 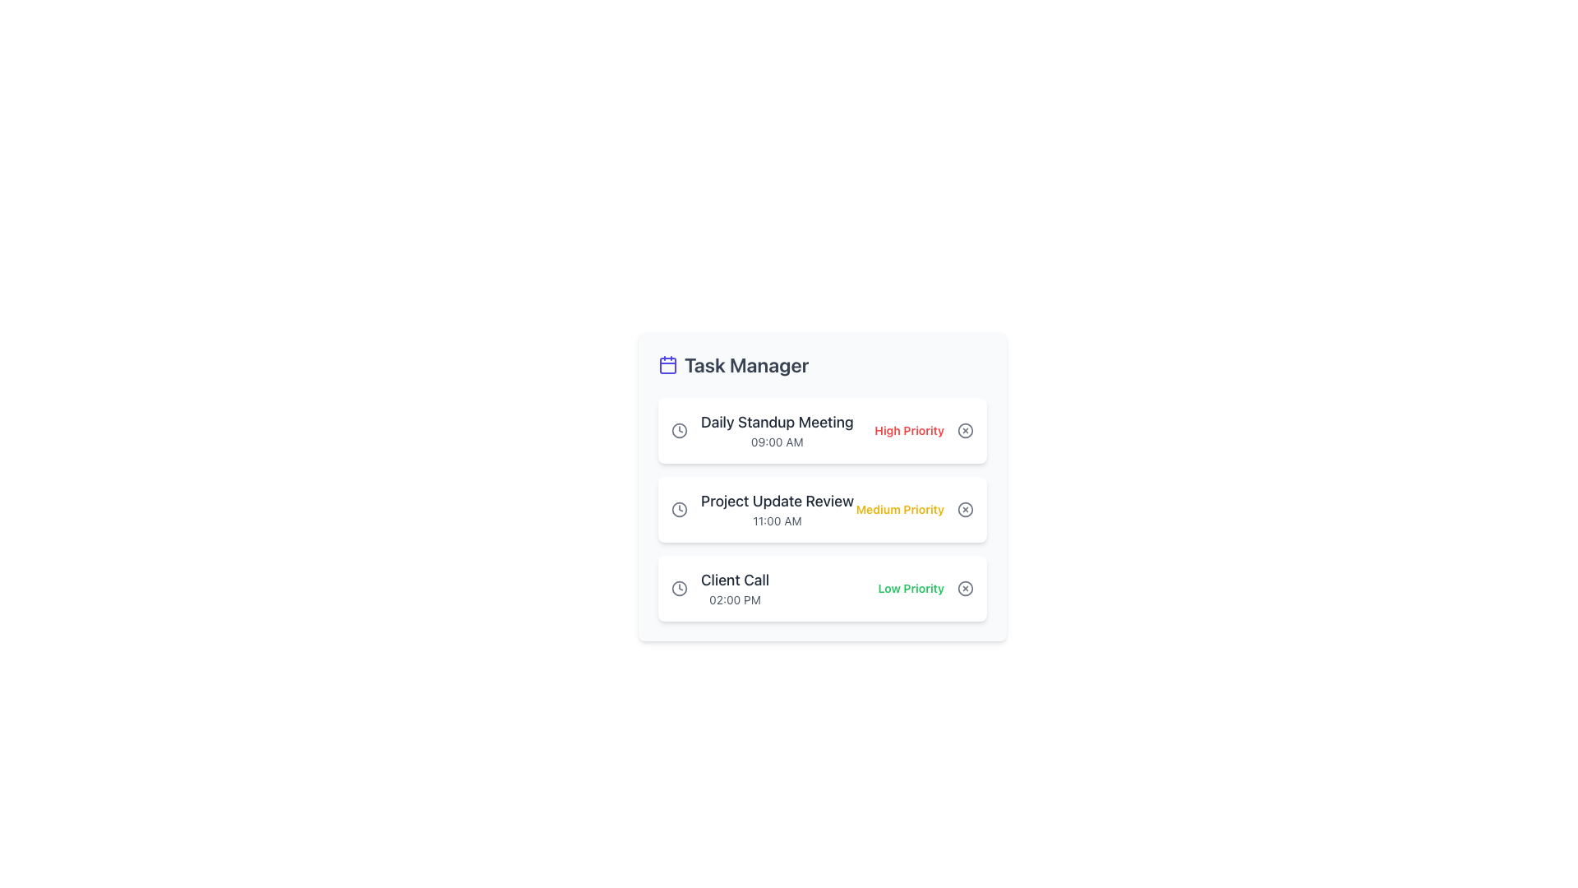 What do you see at coordinates (734, 599) in the screenshot?
I see `the text label indicating the scheduled time for the 'Client Call' task, which is centrally aligned beneath the 'Client Call' text within the task card` at bounding box center [734, 599].